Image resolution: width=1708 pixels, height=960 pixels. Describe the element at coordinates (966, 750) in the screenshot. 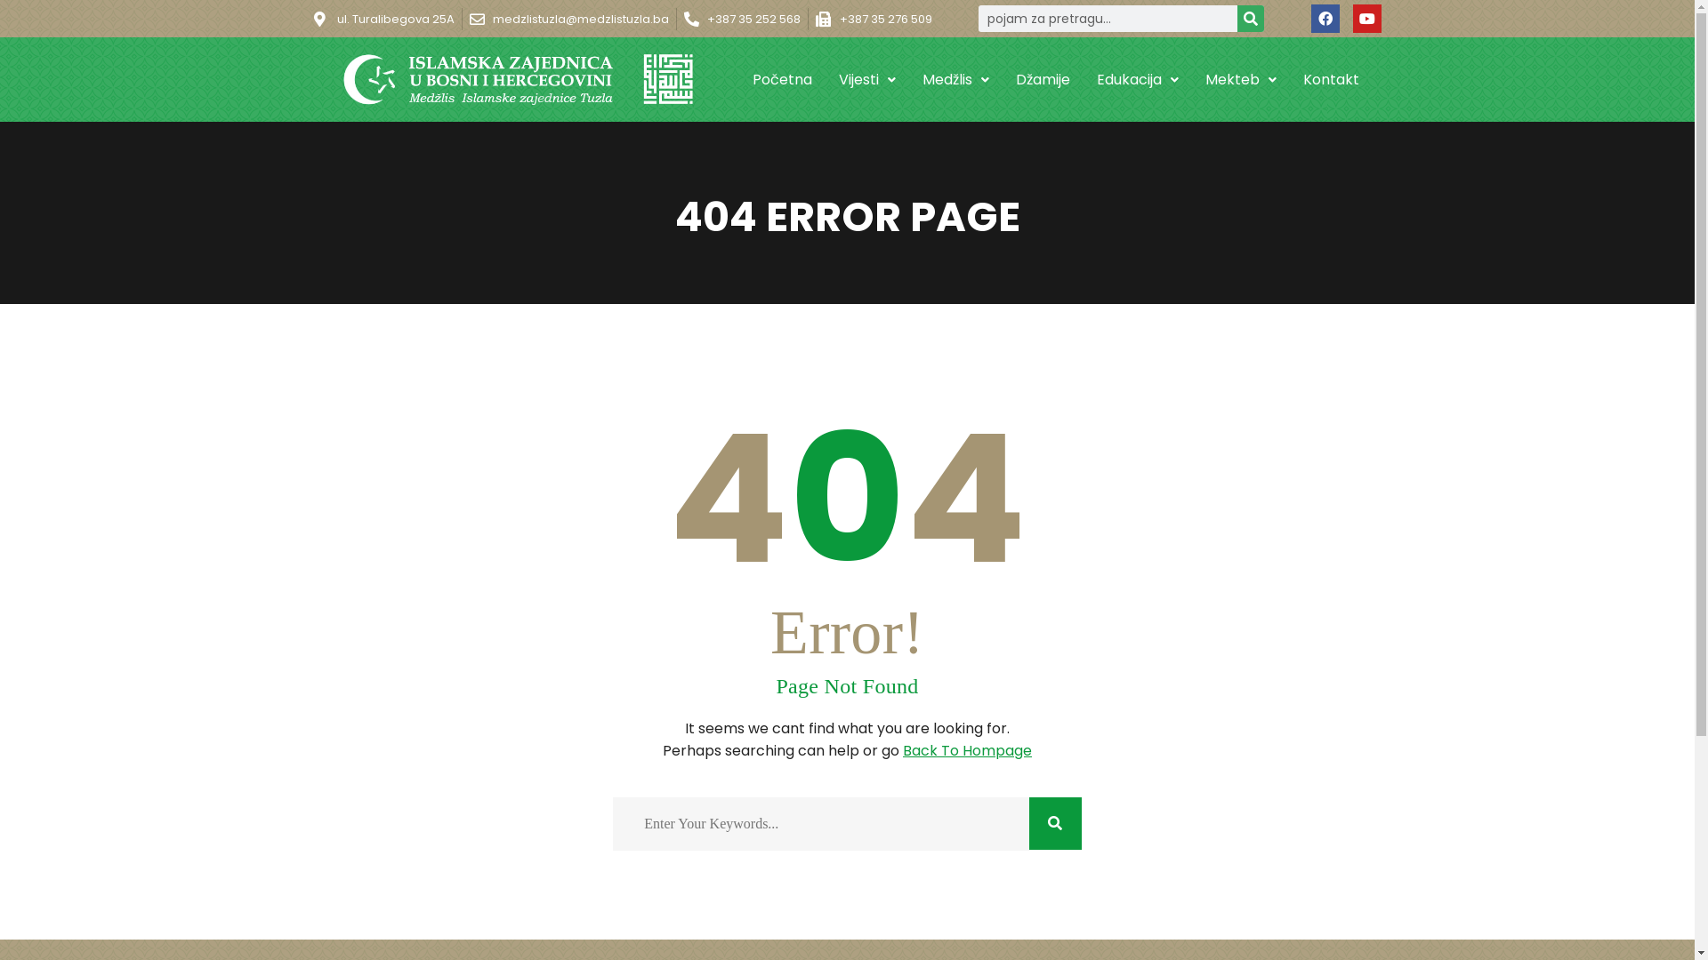

I see `'Back To Hompage'` at that location.